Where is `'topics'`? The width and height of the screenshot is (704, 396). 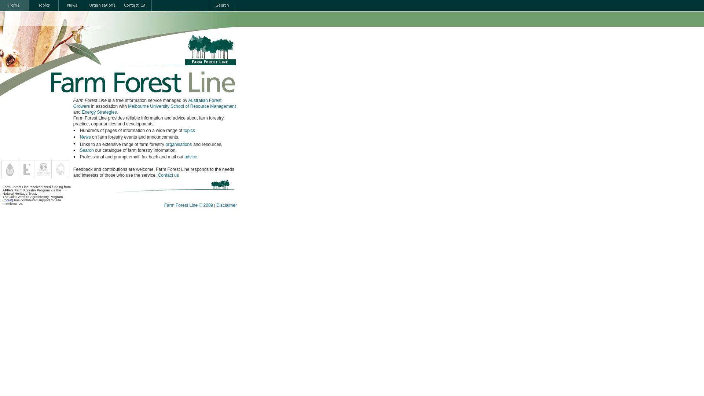 'topics' is located at coordinates (183, 130).